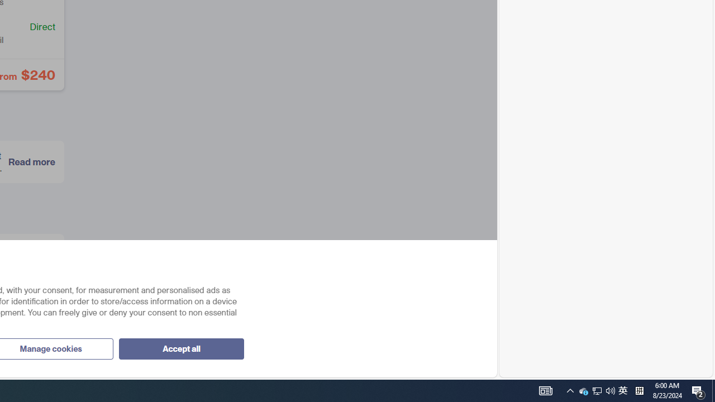  What do you see at coordinates (181, 348) in the screenshot?
I see `'Accept all'` at bounding box center [181, 348].